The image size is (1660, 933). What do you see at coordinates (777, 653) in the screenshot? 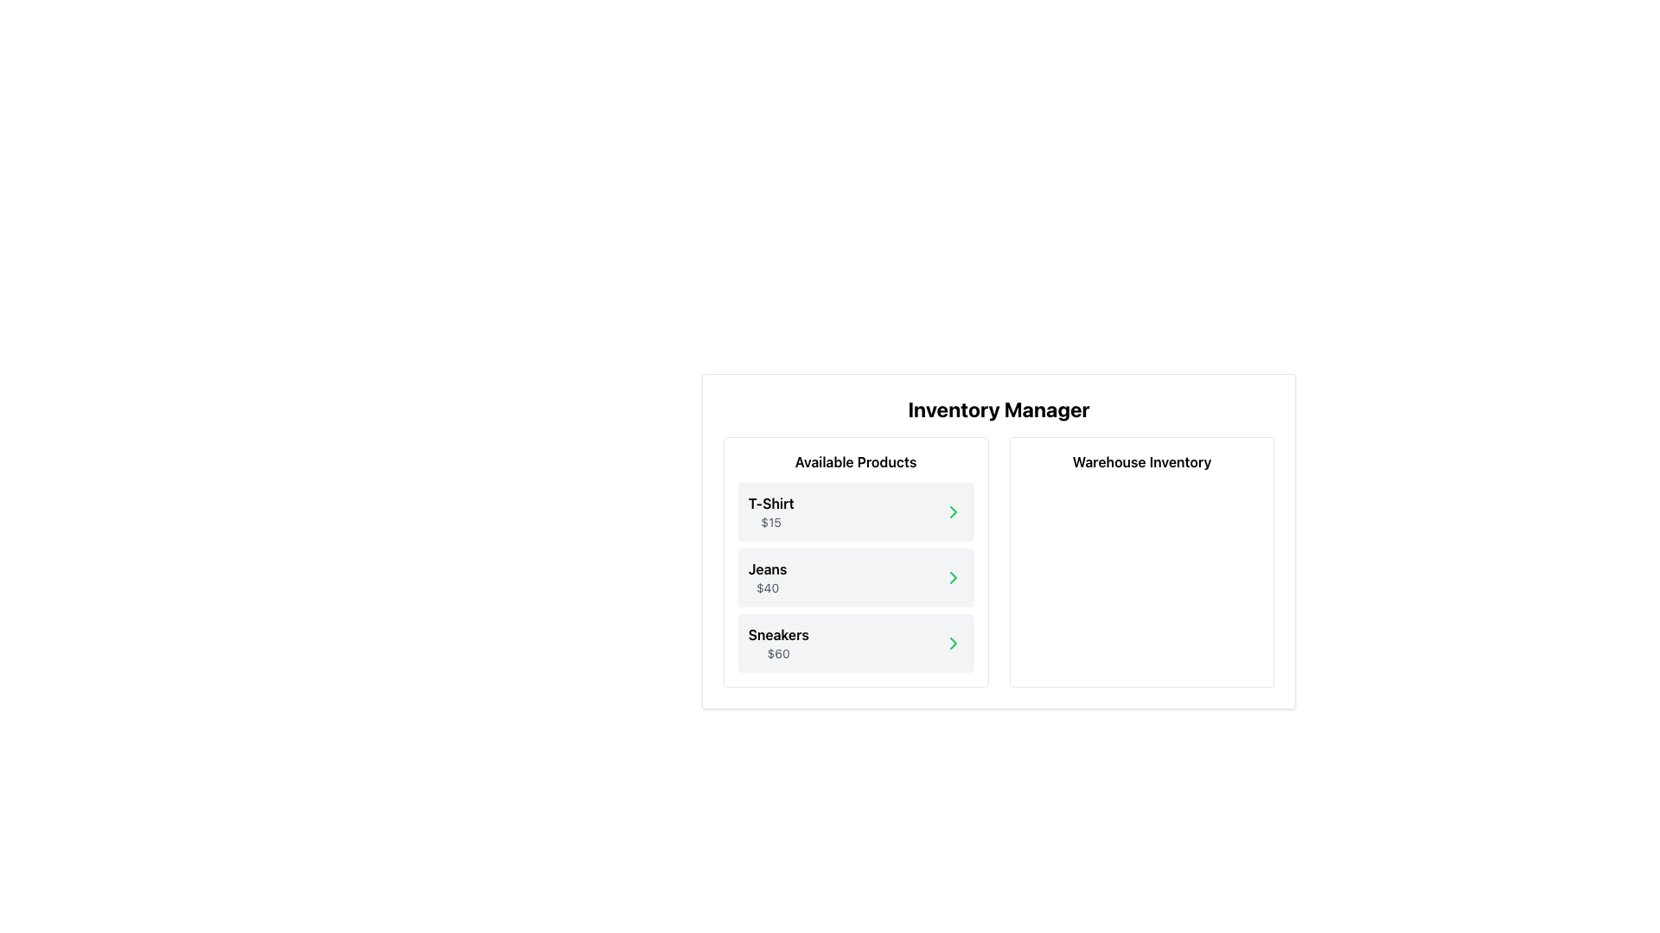
I see `text content of the price tag located in the third card labeled 'Sneakers' within the 'Available Products' section` at bounding box center [777, 653].